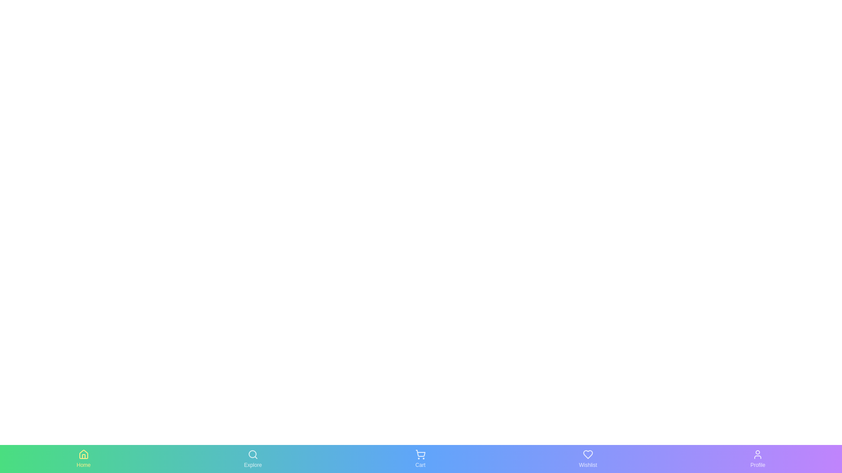  I want to click on the Wishlist tab by clicking on it, so click(588, 459).